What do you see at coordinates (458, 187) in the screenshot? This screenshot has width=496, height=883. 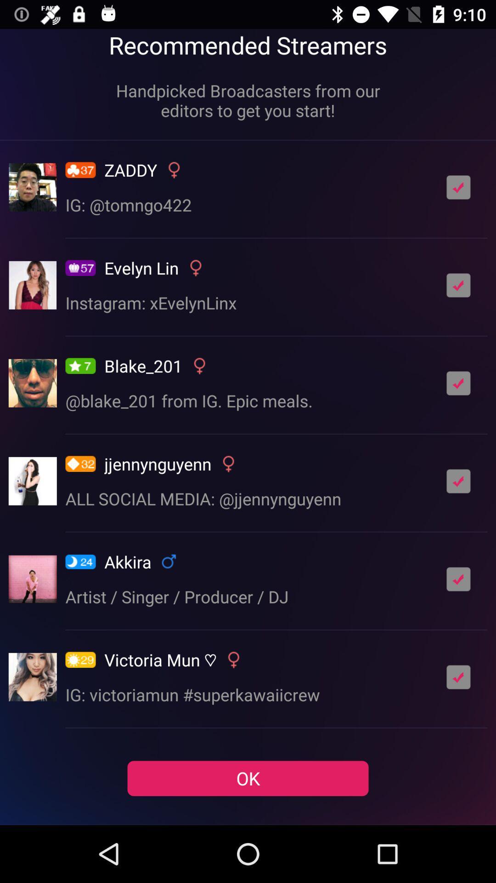 I see `streamer` at bounding box center [458, 187].